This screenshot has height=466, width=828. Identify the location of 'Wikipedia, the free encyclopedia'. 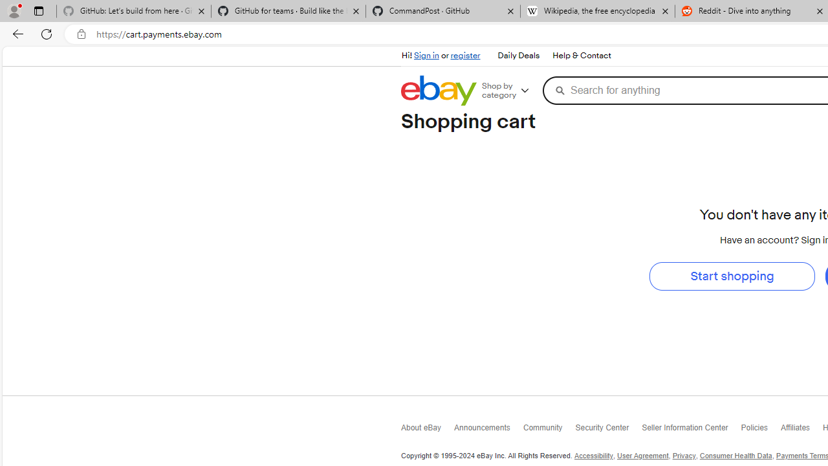
(597, 11).